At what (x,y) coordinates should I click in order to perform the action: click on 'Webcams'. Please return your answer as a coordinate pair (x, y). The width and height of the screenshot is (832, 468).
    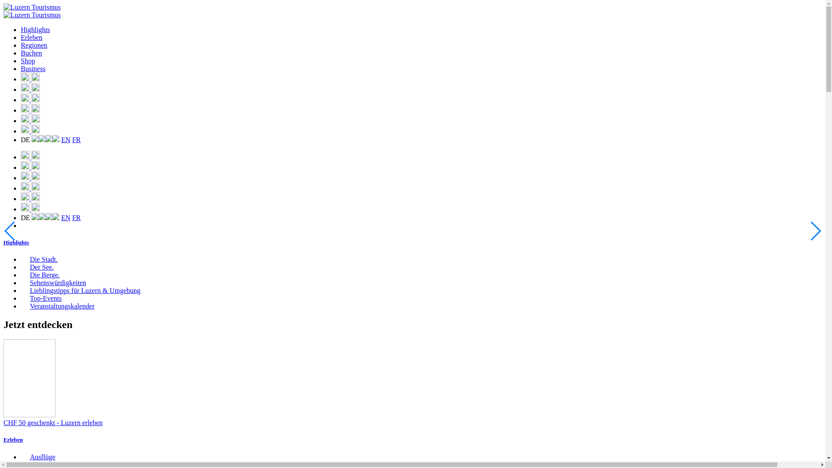
    Looking at the image, I should click on (30, 99).